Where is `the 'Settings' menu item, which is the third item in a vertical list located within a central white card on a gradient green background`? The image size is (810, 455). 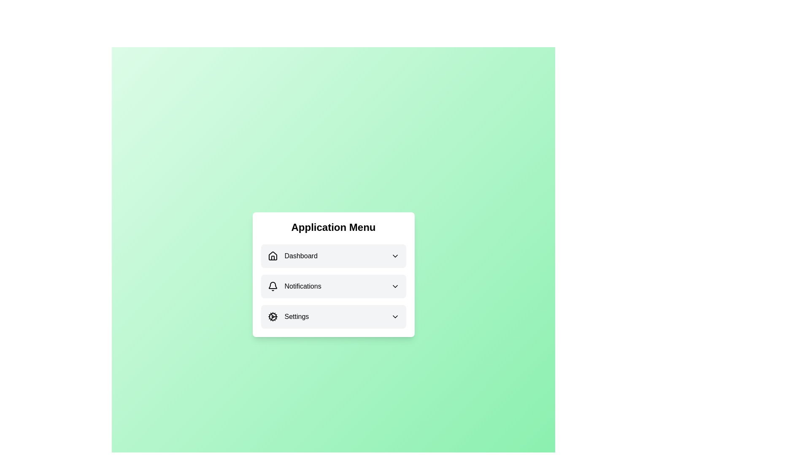 the 'Settings' menu item, which is the third item in a vertical list located within a central white card on a gradient green background is located at coordinates (333, 317).